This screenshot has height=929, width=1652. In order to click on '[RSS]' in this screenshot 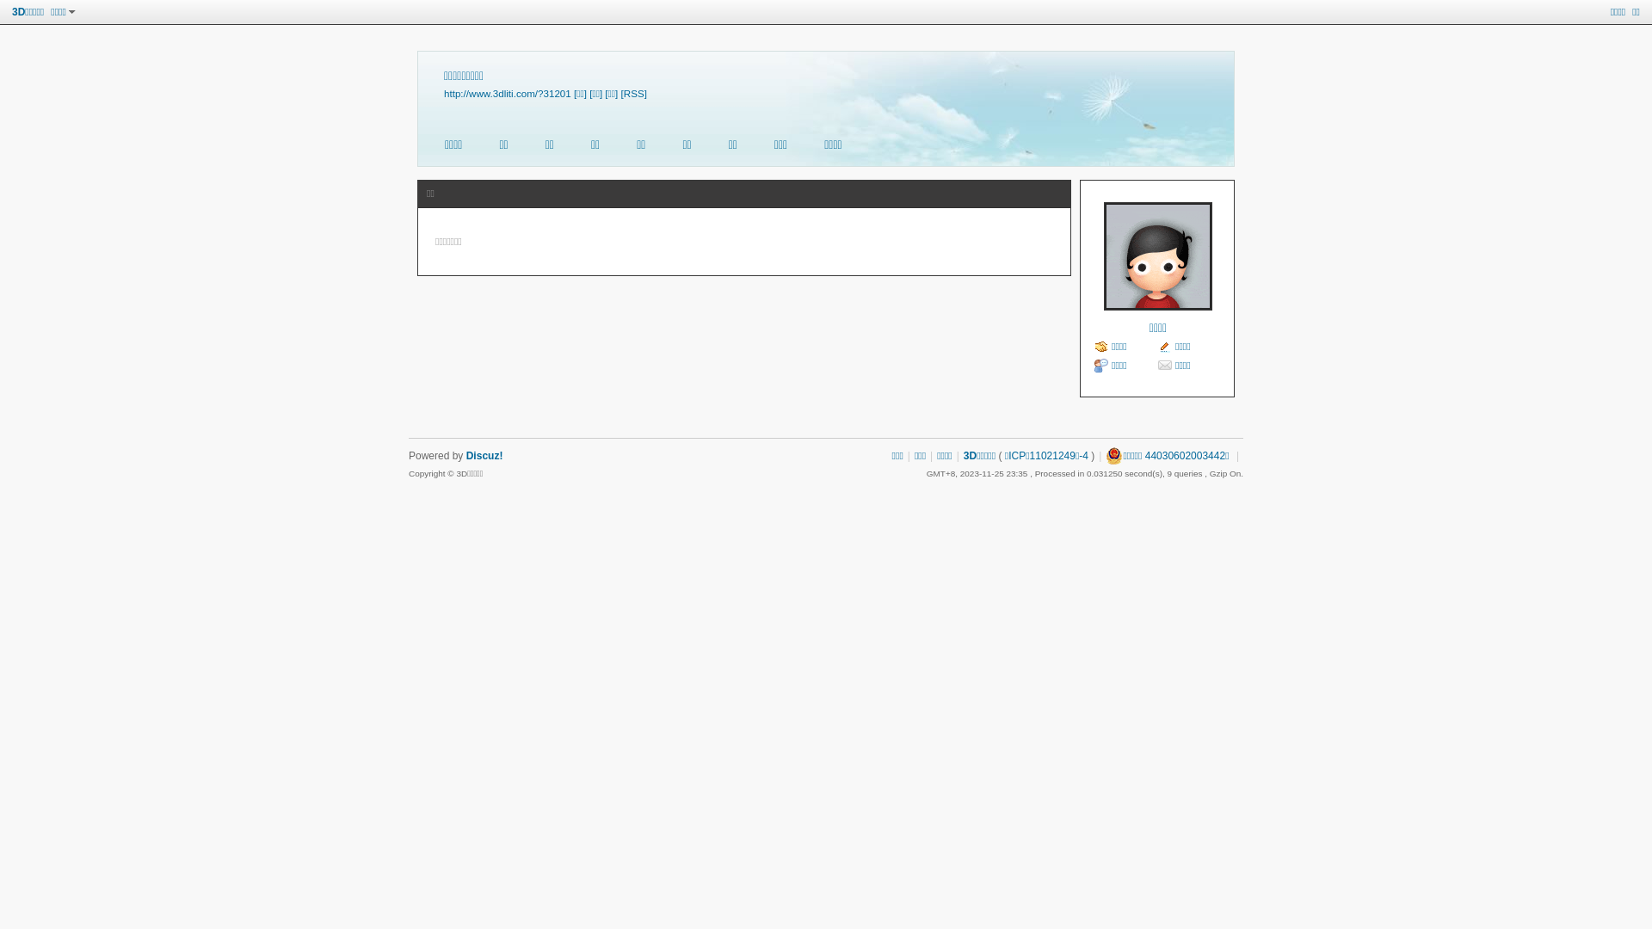, I will do `click(633, 93)`.